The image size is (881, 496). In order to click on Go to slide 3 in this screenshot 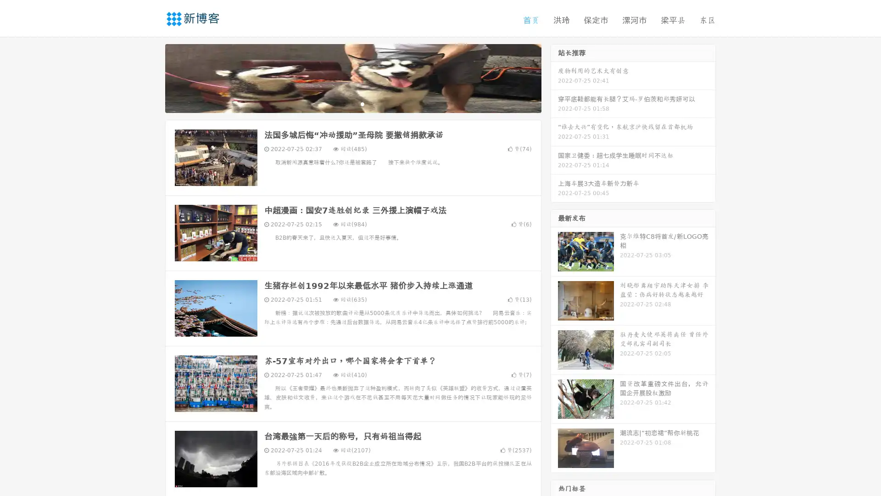, I will do `click(362, 103)`.